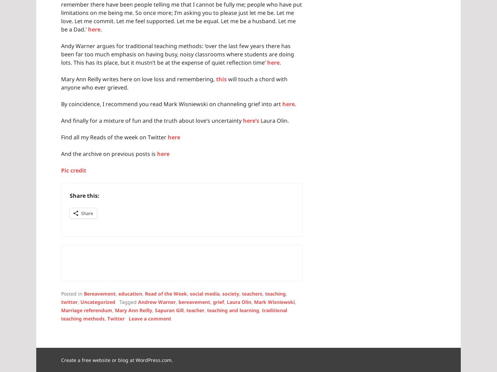 The width and height of the screenshot is (497, 372). Describe the element at coordinates (150, 318) in the screenshot. I see `'Leave a comment'` at that location.